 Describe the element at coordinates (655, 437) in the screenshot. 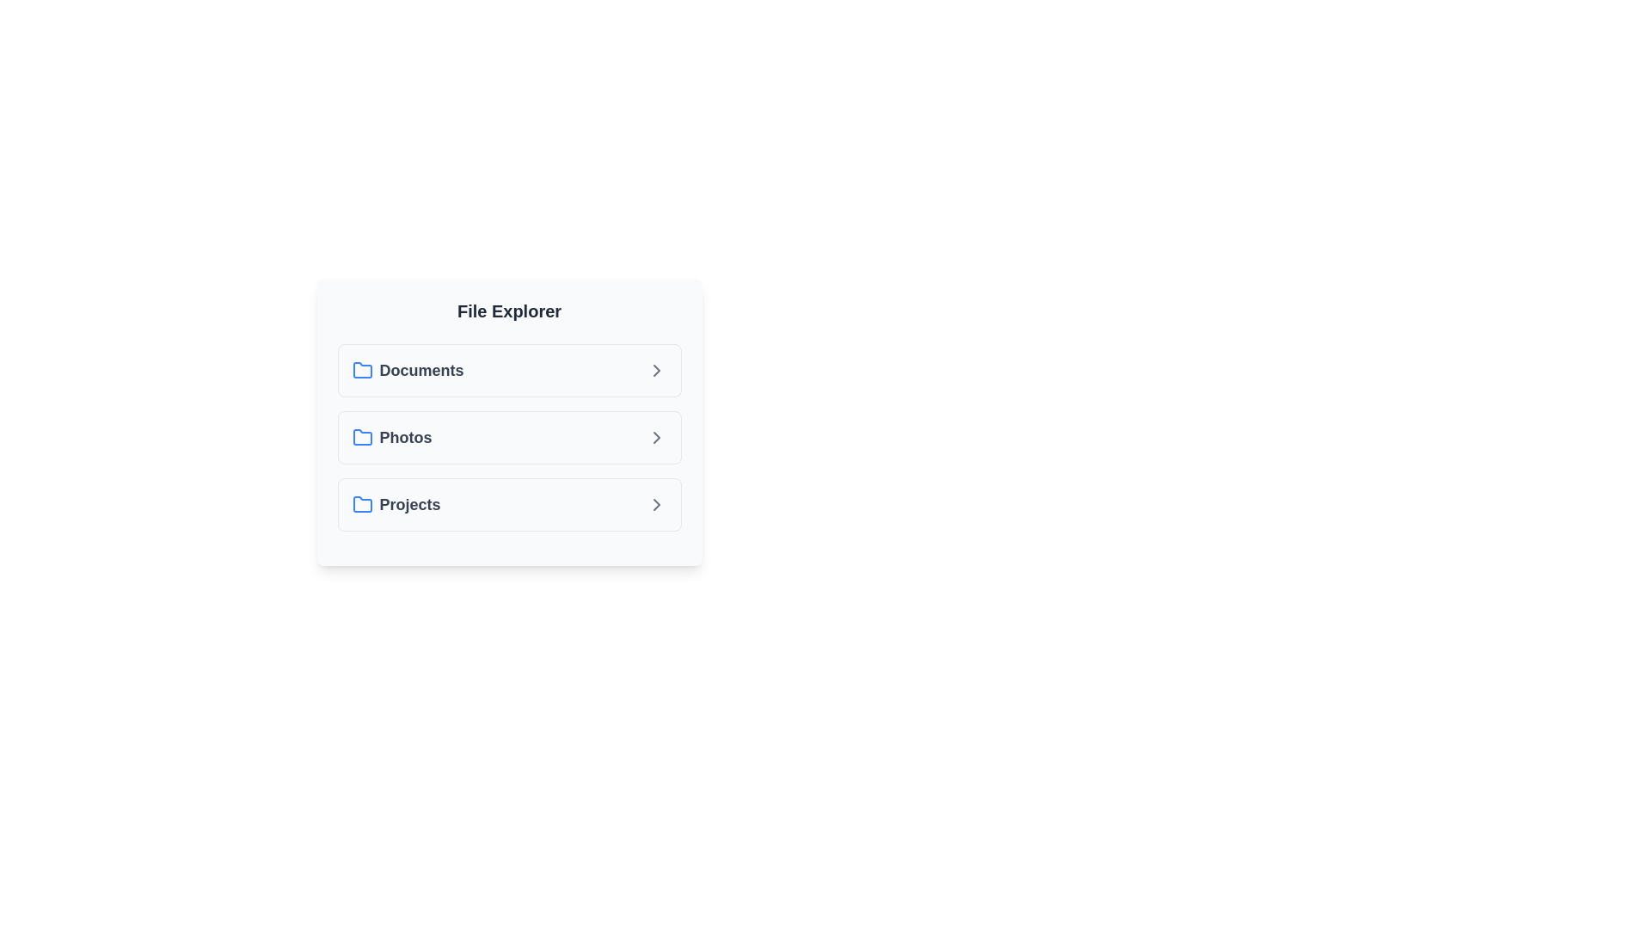

I see `arrow icon next to the folder named Photos` at that location.